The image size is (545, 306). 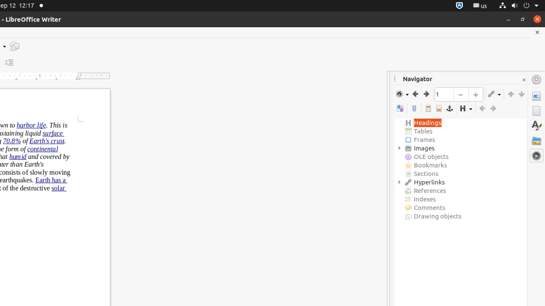 What do you see at coordinates (480, 6) in the screenshot?
I see `':1.21/StatusNotifierItem'` at bounding box center [480, 6].